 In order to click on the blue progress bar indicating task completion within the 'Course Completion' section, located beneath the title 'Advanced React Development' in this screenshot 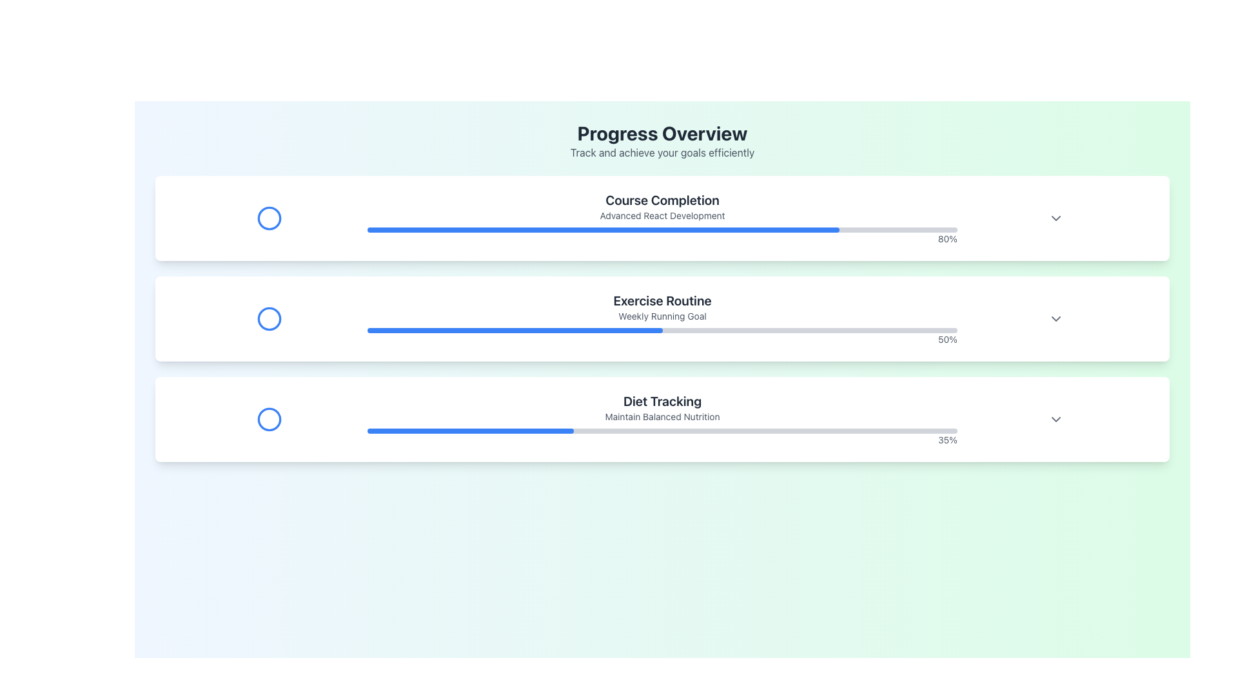, I will do `click(603, 229)`.